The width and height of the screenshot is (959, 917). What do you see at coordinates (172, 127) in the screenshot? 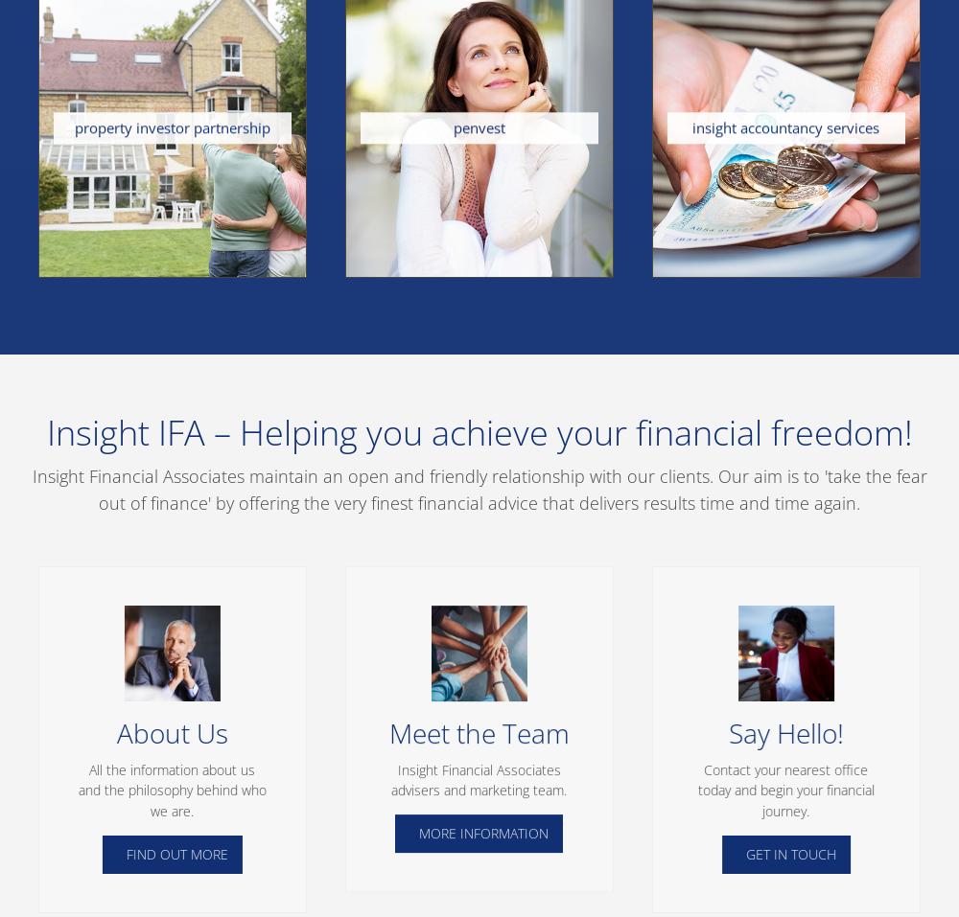
I see `'property investor partnership'` at bounding box center [172, 127].